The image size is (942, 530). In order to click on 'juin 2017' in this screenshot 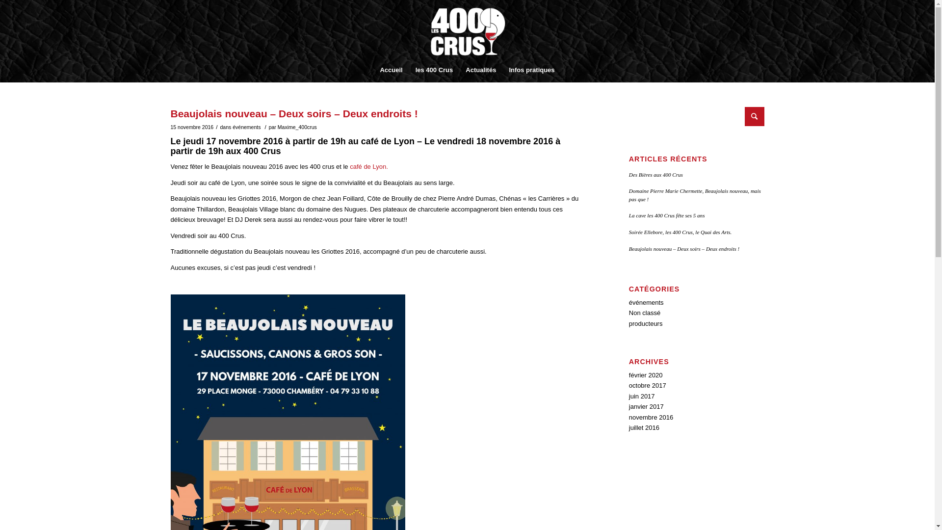, I will do `click(642, 396)`.